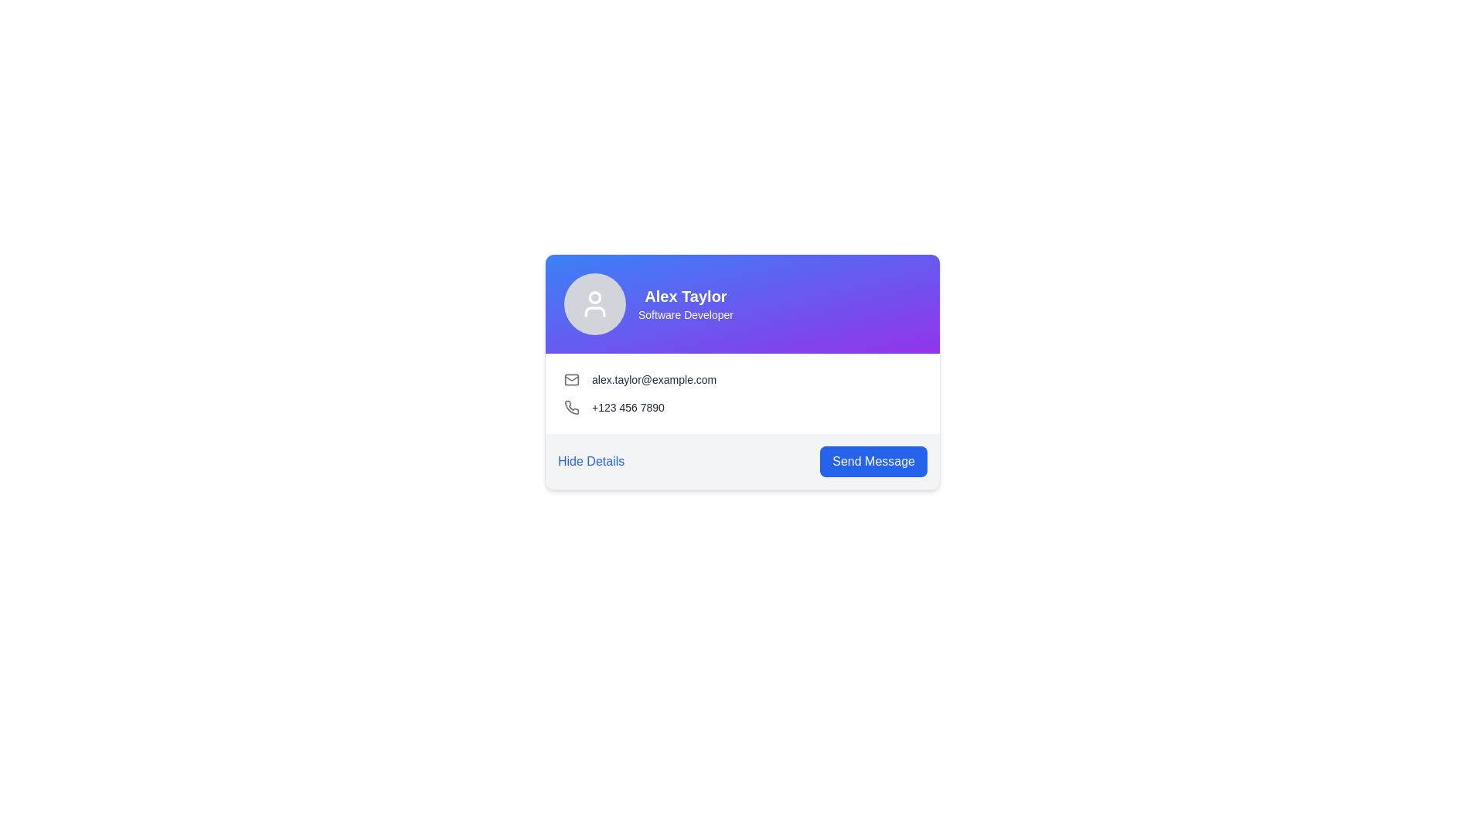 This screenshot has width=1484, height=834. I want to click on text label that designates the role or position associated with 'Alex Taylor', which is located directly underneath the name 'Alex Taylor' in the top section of the card, so click(685, 314).